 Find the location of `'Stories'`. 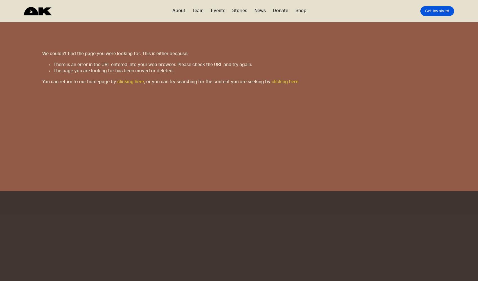

'Stories' is located at coordinates (232, 11).